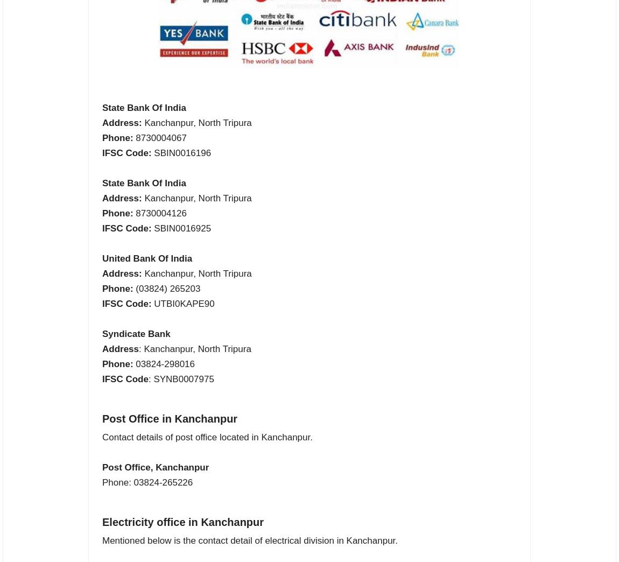  I want to click on 'Post Office in Kanchanpur', so click(170, 418).